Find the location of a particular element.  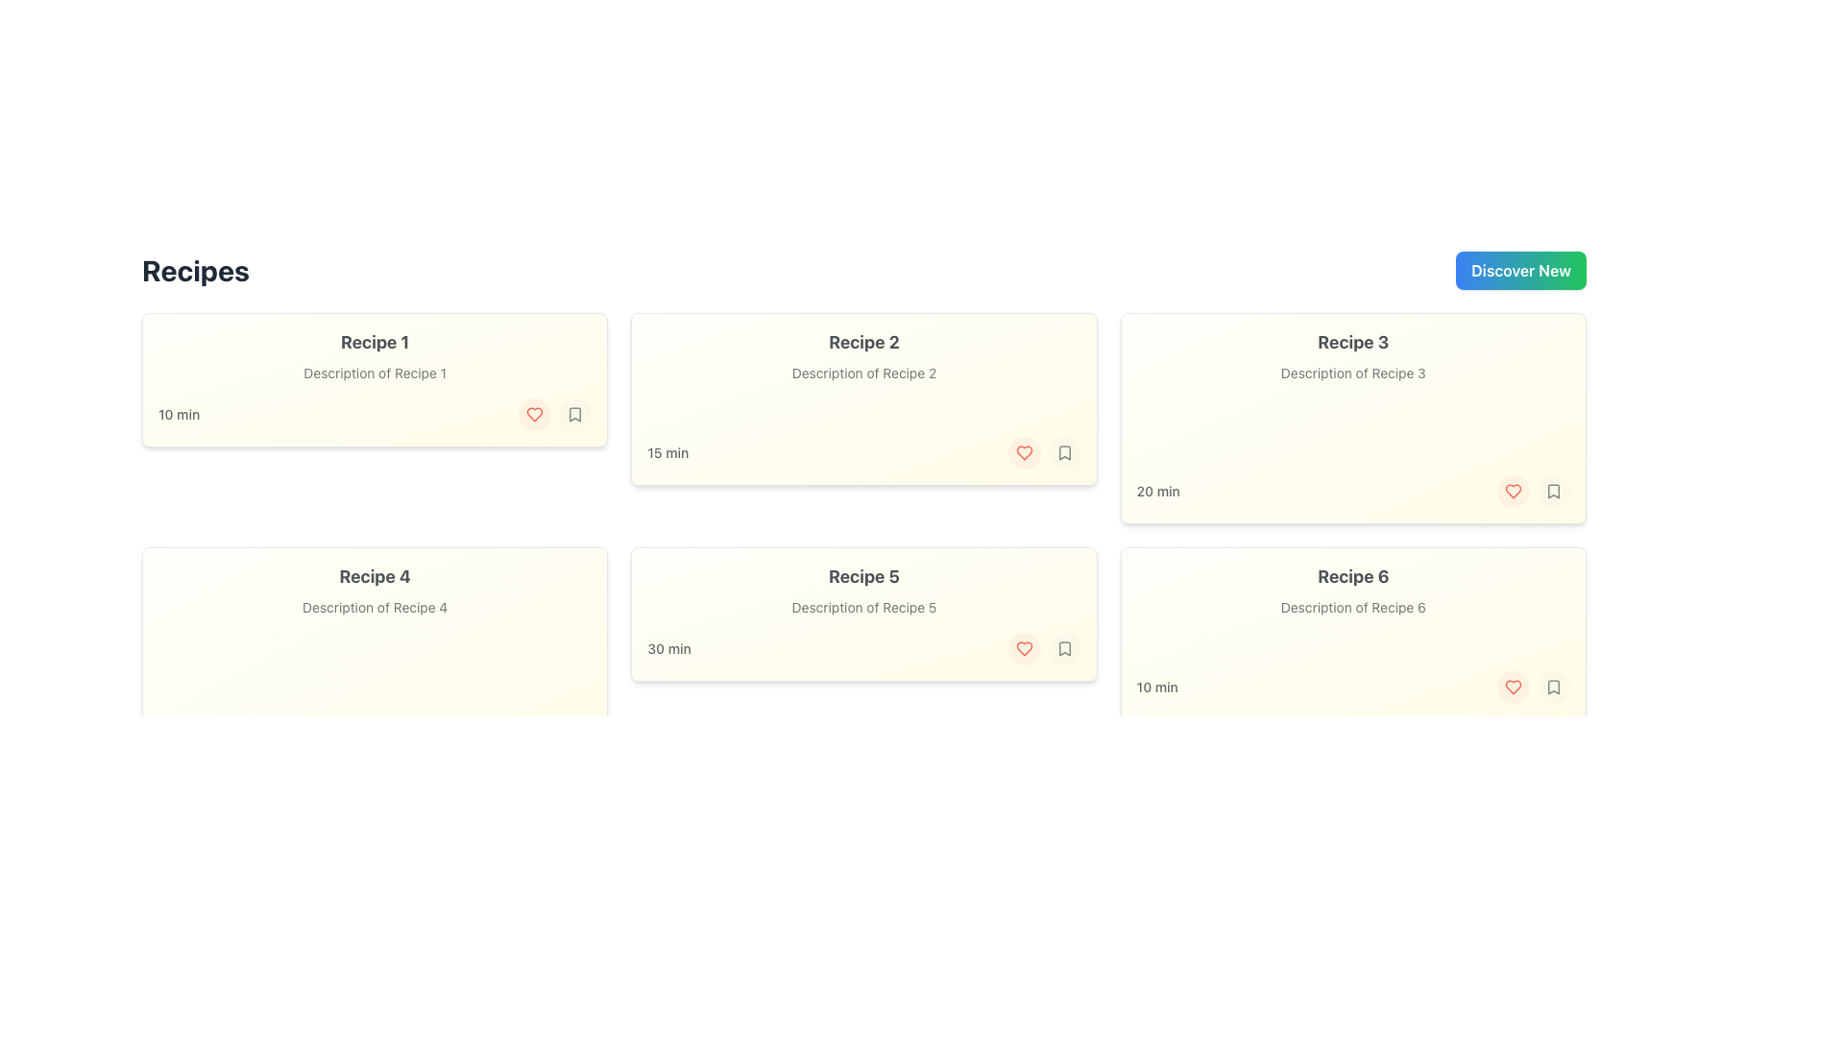

the descriptive text label for 'Recipe 1', located below the title and above the time indicator is located at coordinates (375, 374).